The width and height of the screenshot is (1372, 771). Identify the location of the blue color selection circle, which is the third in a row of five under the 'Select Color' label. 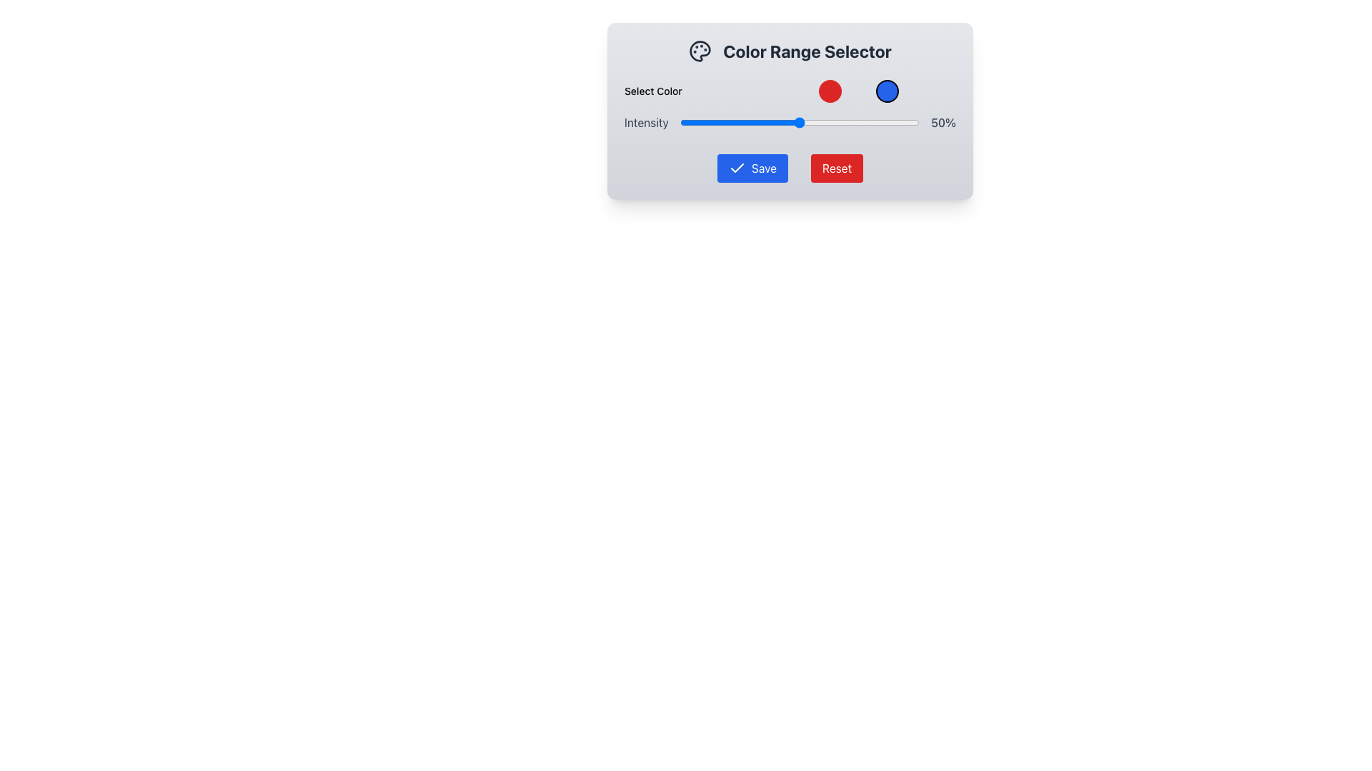
(887, 91).